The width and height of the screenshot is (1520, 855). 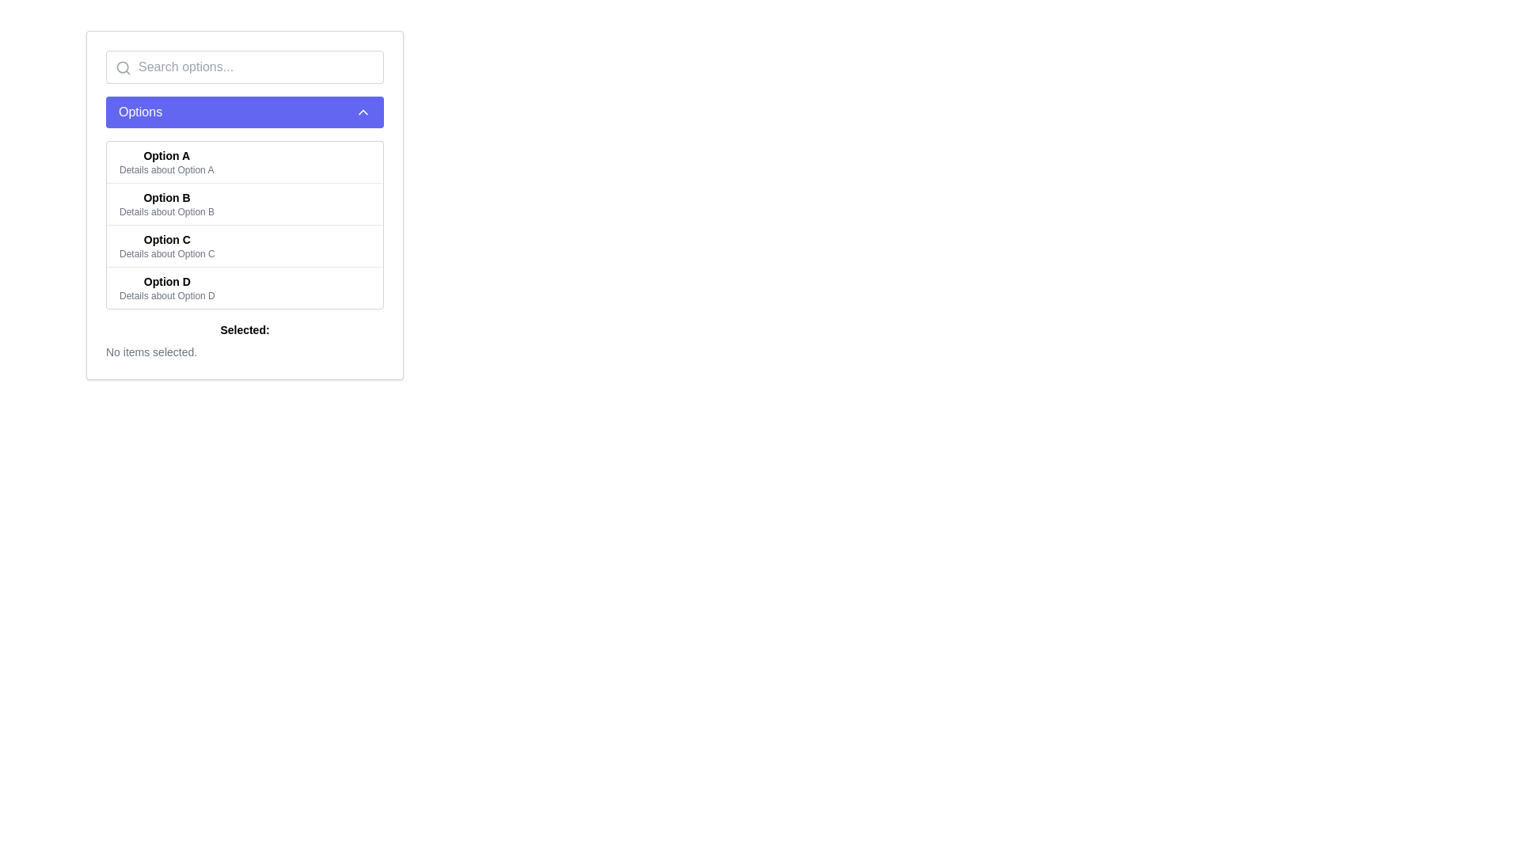 I want to click on the static text label providing additional information about 'Option A', located beneath the 'Option A' label in the options list, so click(x=166, y=170).